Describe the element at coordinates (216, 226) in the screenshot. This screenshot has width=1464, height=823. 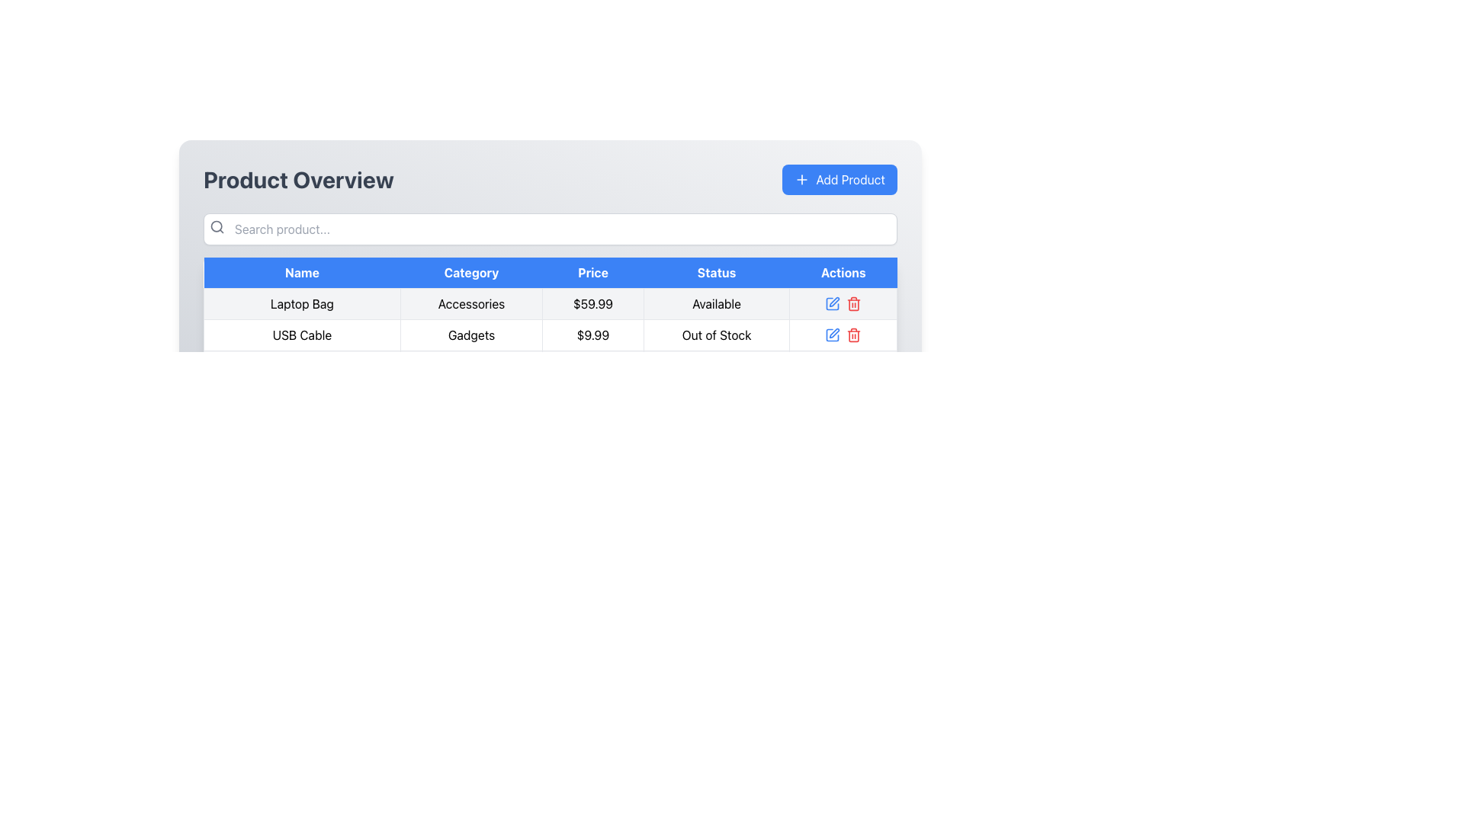
I see `the search icon located to the left of the 'Search product...' input box under the 'Product Overview' header to initiate a search action` at that location.